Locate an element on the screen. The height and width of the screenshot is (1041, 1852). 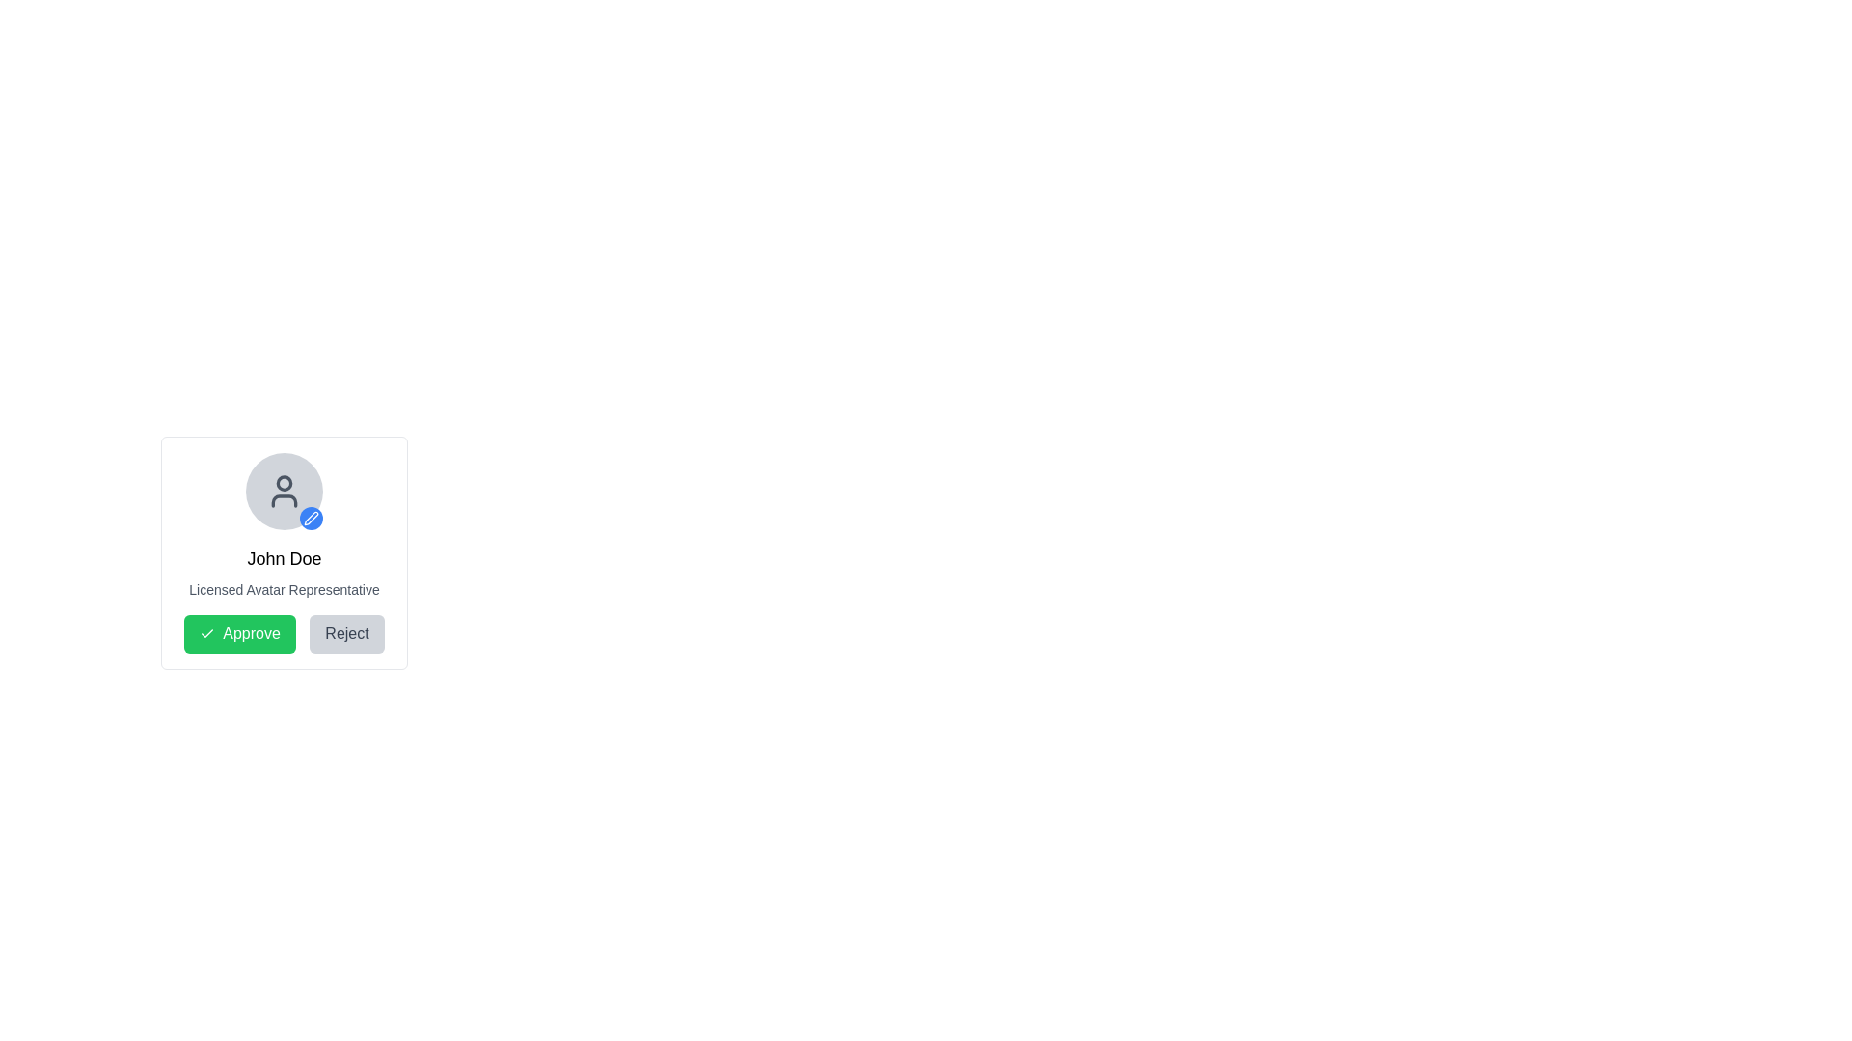
the edit icon located at the bottom-right corner of the circular profile image in the user card to initiate an edit action is located at coordinates (311, 517).